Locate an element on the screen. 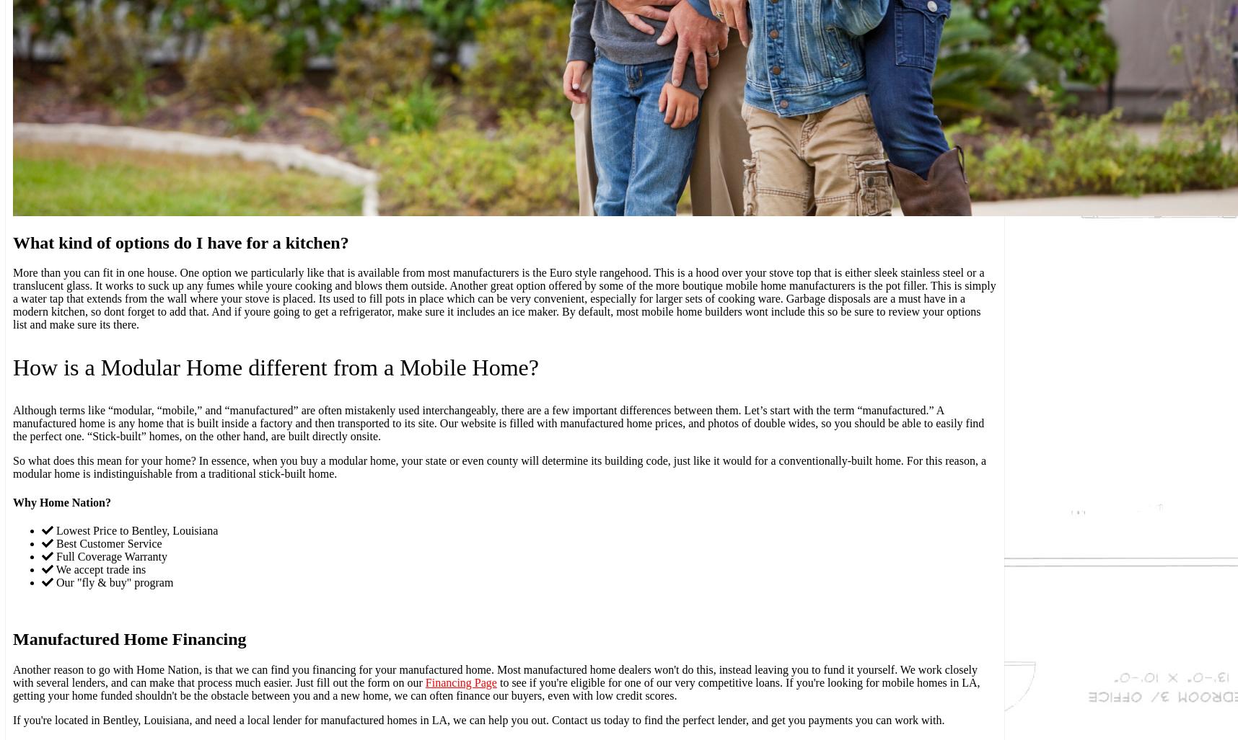 This screenshot has width=1238, height=740. 'Financing Page' is located at coordinates (460, 682).